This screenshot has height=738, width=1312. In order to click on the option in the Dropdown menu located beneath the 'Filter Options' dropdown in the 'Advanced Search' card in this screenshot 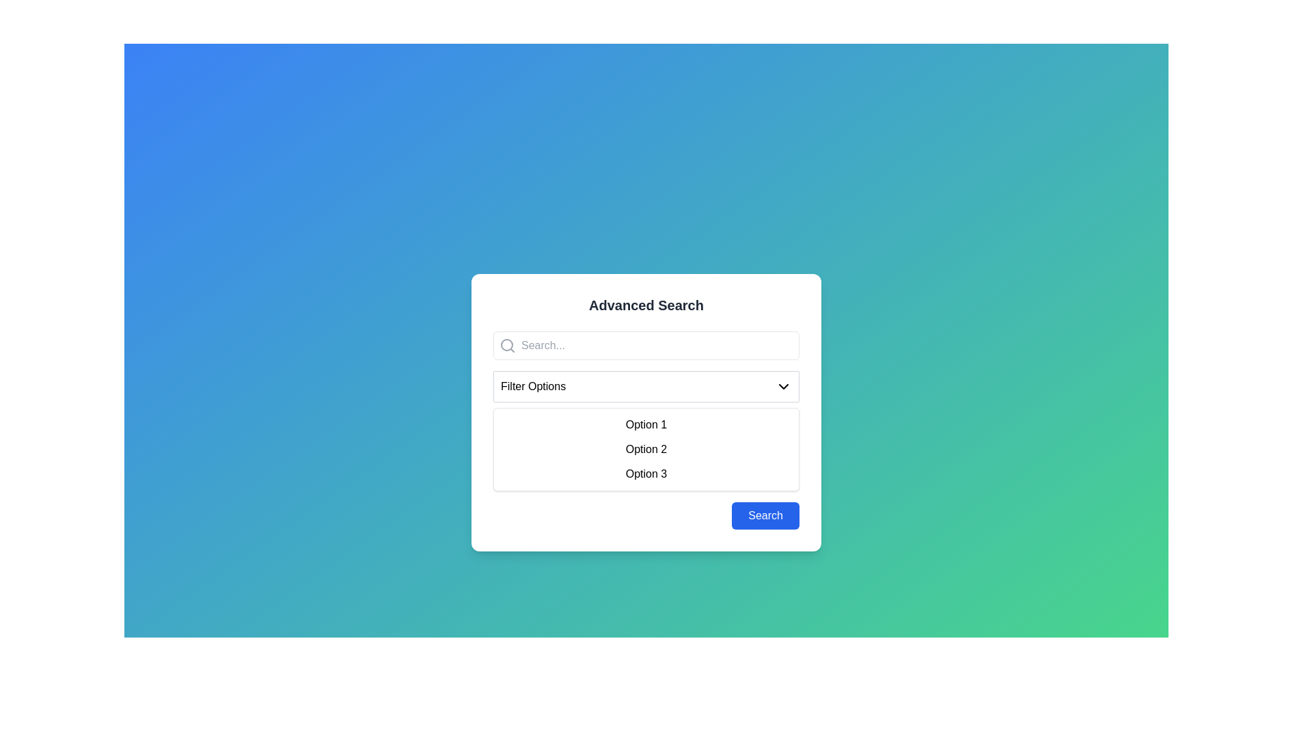, I will do `click(645, 429)`.